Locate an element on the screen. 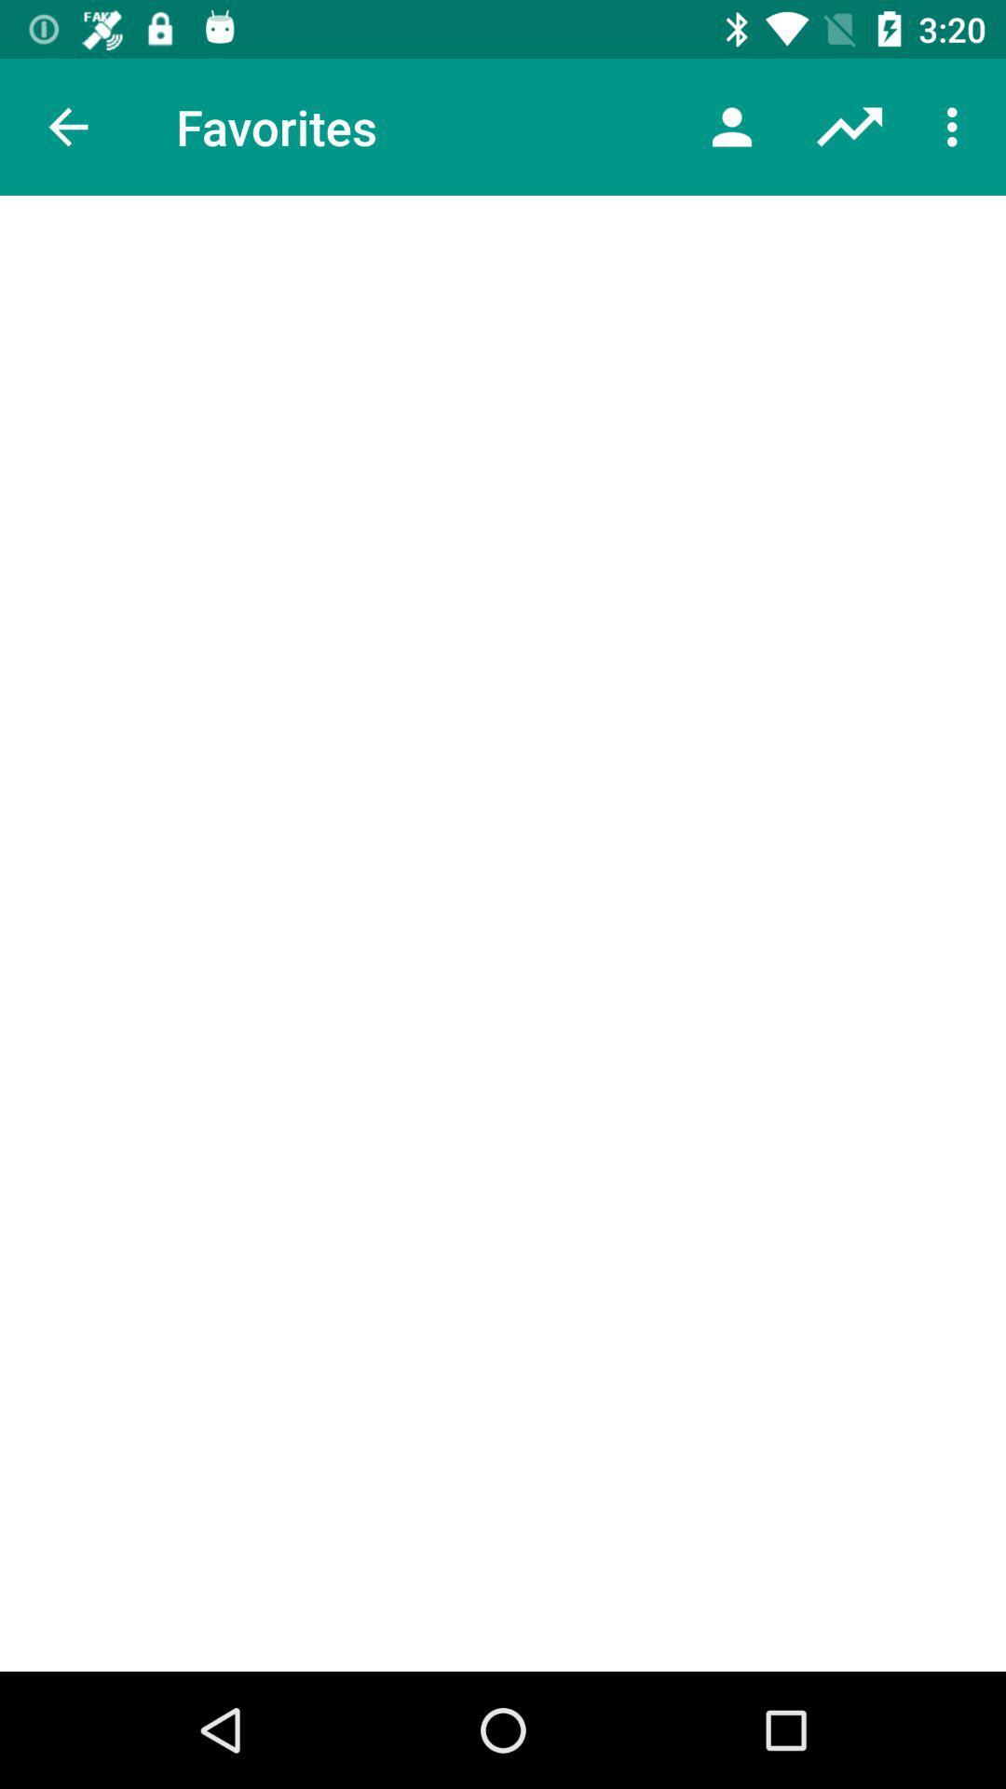 This screenshot has width=1006, height=1789. the icon at the center is located at coordinates (503, 934).